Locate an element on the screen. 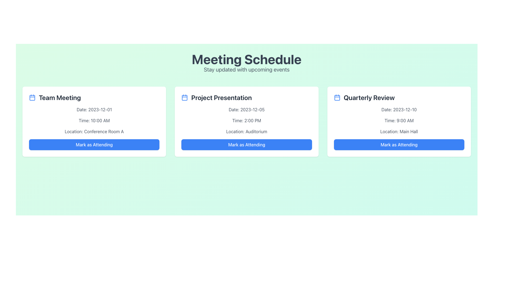 This screenshot has width=526, height=296. the text label displaying 'Time: 2:00 PM', which is the third line within the card labeled 'Project Presentation', positioned below 'Date: 2023-12-05' and above 'Location: Auditorium' is located at coordinates (246, 120).